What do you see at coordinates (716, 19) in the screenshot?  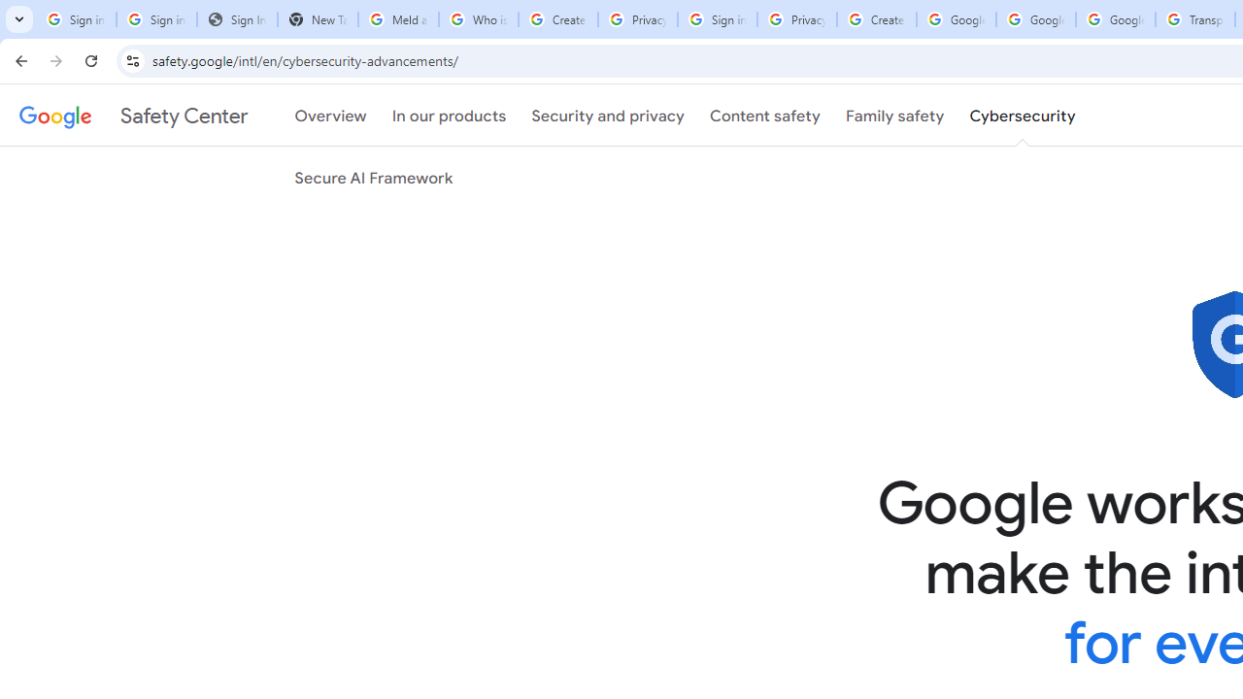 I see `'Sign in - Google Accounts'` at bounding box center [716, 19].